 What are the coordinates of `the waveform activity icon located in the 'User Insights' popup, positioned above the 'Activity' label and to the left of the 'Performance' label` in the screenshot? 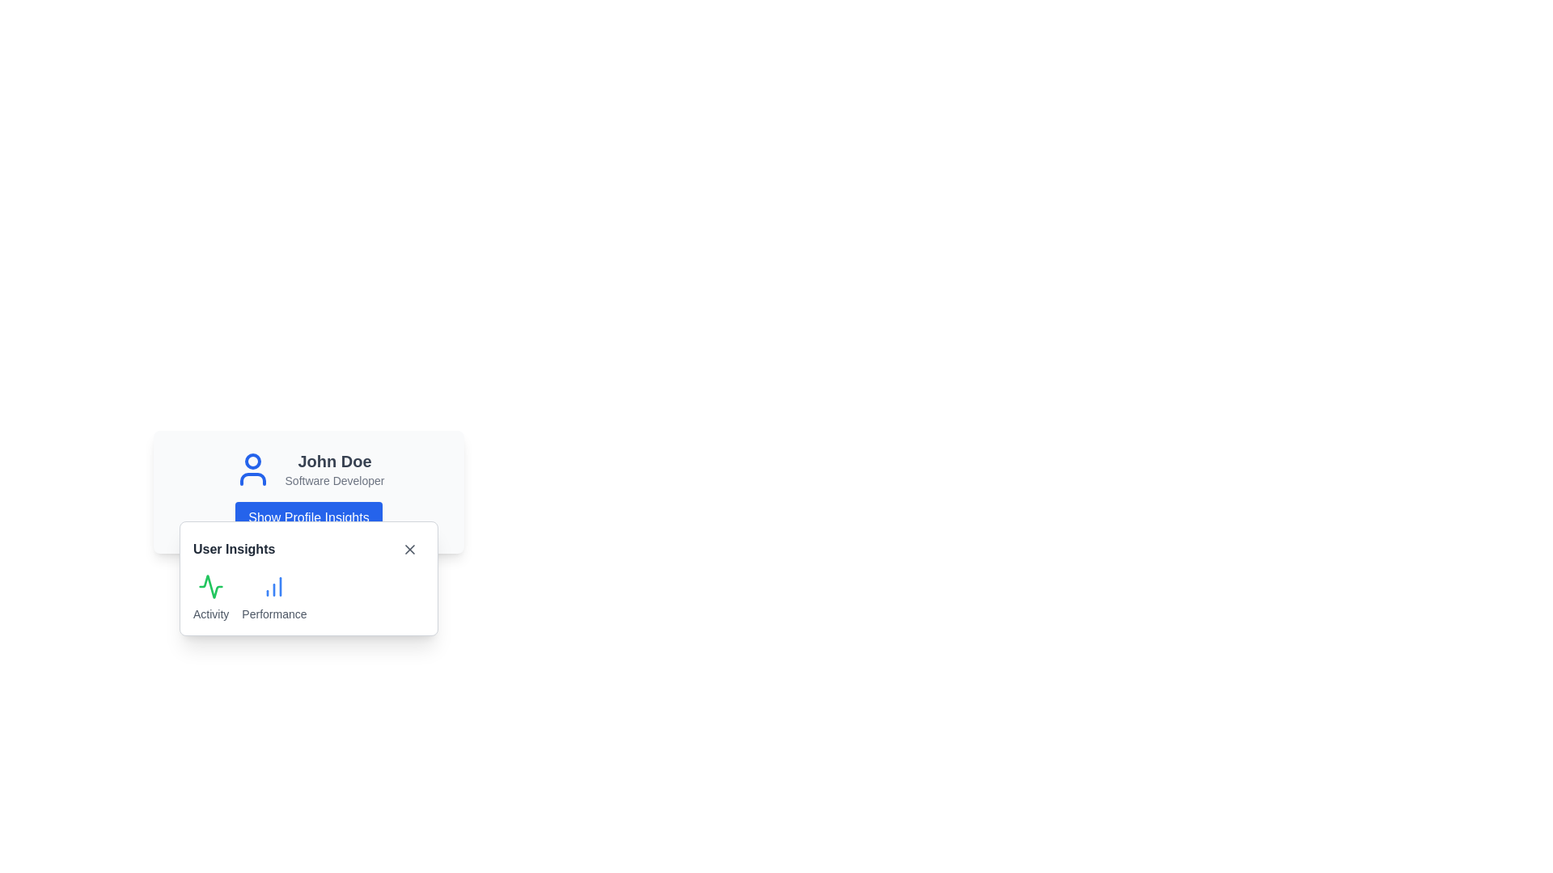 It's located at (210, 586).